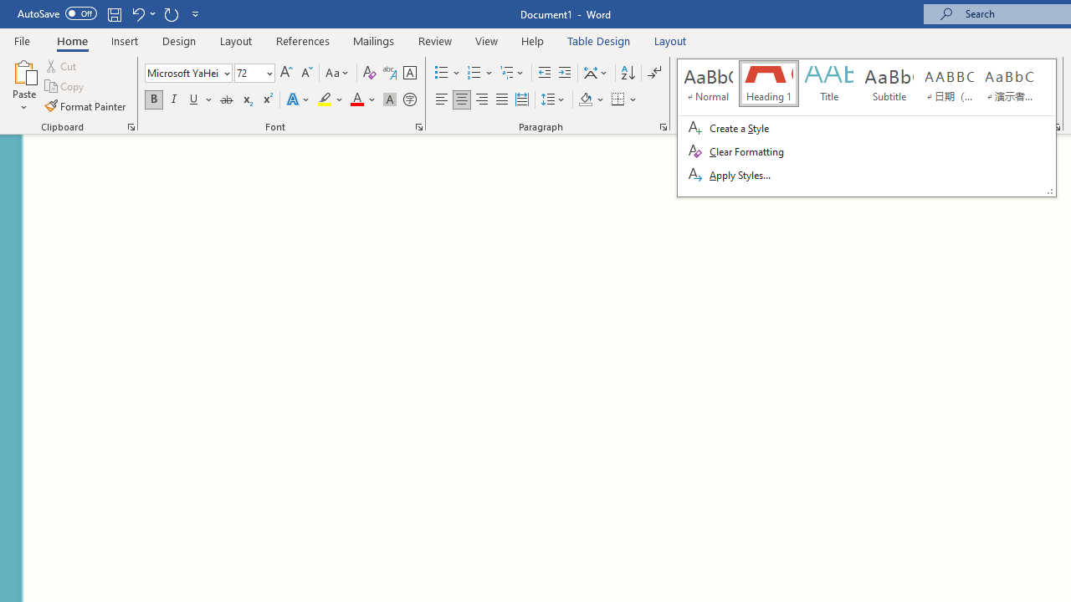  Describe the element at coordinates (306, 72) in the screenshot. I see `'Shrink Font'` at that location.